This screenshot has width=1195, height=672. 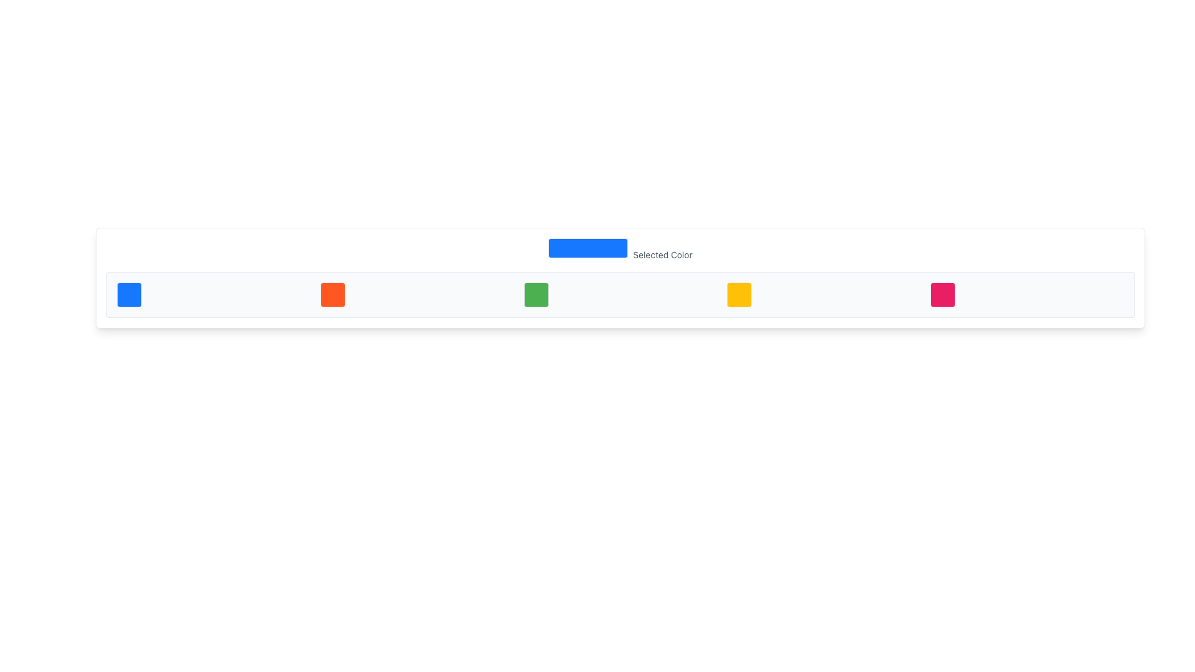 I want to click on the selectable color block representing yellow, which is the fourth item in a grid of five squares, so click(x=739, y=295).